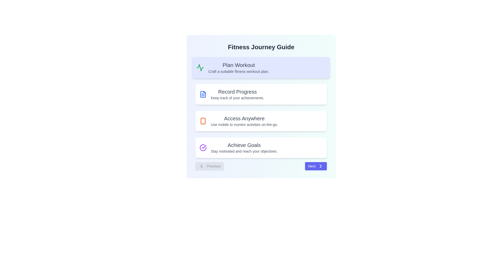 This screenshot has width=493, height=277. Describe the element at coordinates (244, 147) in the screenshot. I see `the textual content element with the heading 'Achieve Goals' and subtext 'Stay motivated and reach your objectives.' located in the bottom-most card of the layout` at that location.